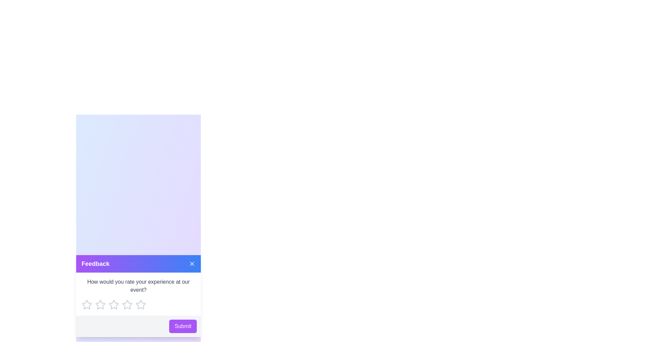 This screenshot has height=363, width=647. Describe the element at coordinates (87, 305) in the screenshot. I see `the first rating star icon, which is a hollow star-shaped icon used for rating, located under the question 'How would you rate your experience at our event?'` at that location.